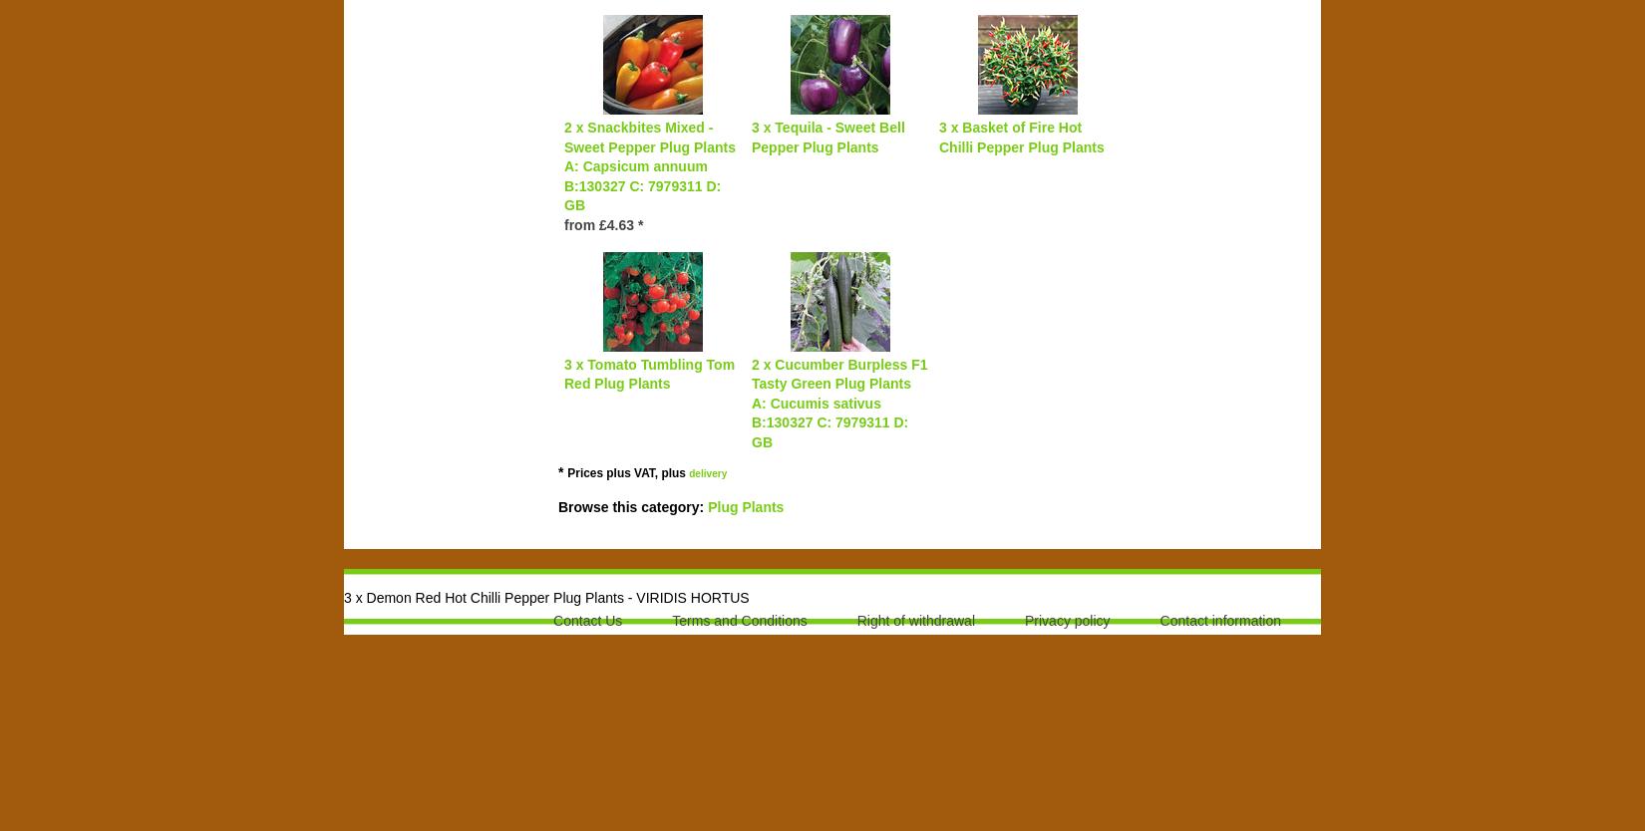  What do you see at coordinates (648, 372) in the screenshot?
I see `'3 x Tomato Tumbling Tom Red Plug Plants'` at bounding box center [648, 372].